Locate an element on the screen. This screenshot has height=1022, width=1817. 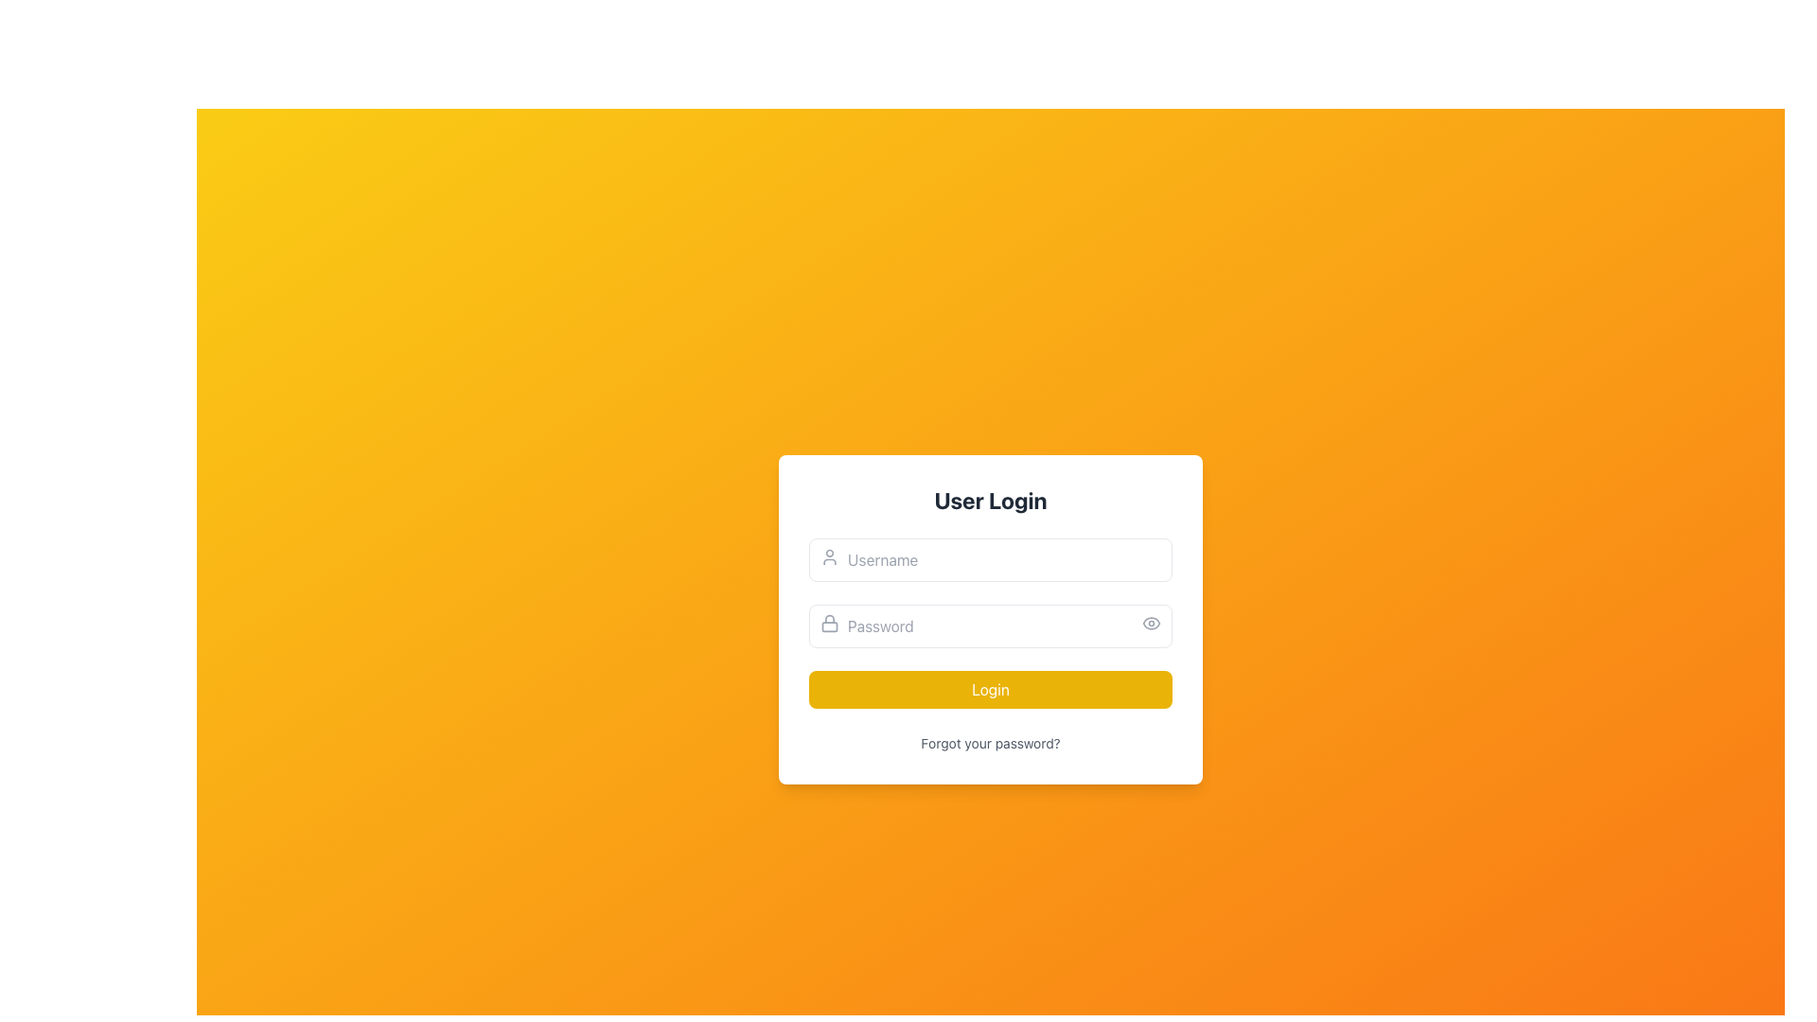
the hyperlink located at the bottom of the login card, directly below the 'Login' button is located at coordinates (989, 742).